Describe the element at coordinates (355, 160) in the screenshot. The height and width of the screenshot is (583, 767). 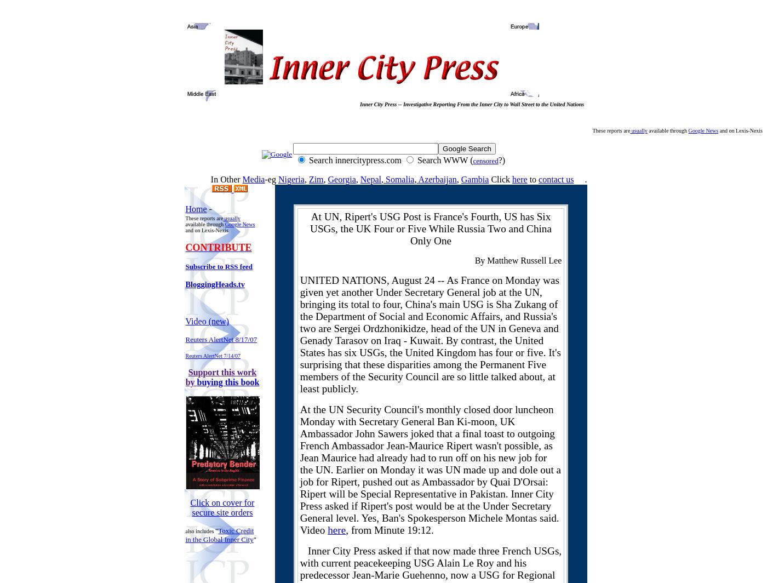
I see `'Search innercitypress.com'` at that location.